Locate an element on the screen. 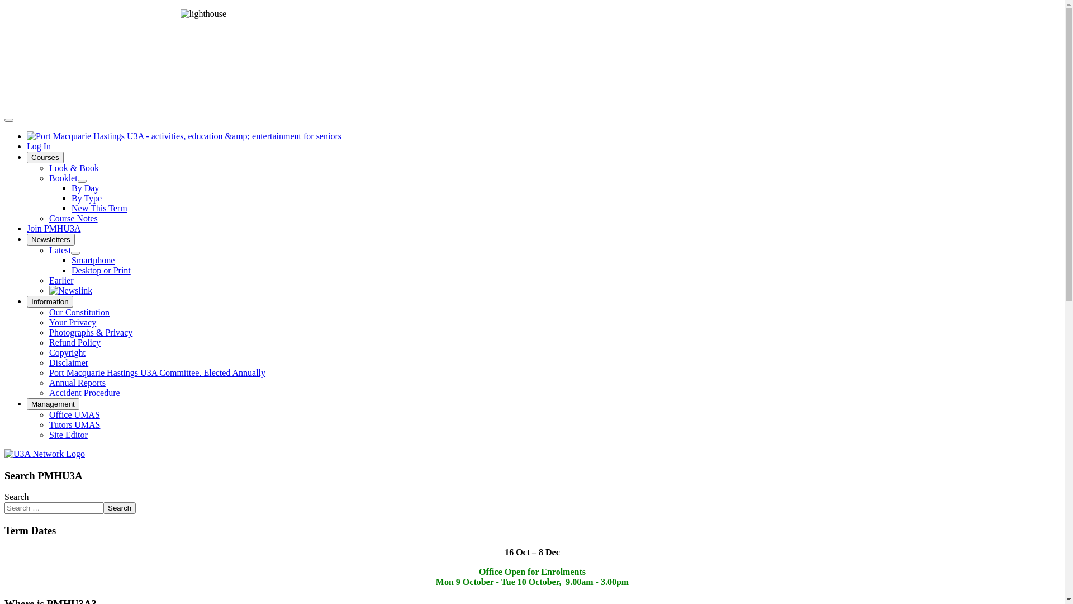  'Annual Reports' is located at coordinates (77, 382).